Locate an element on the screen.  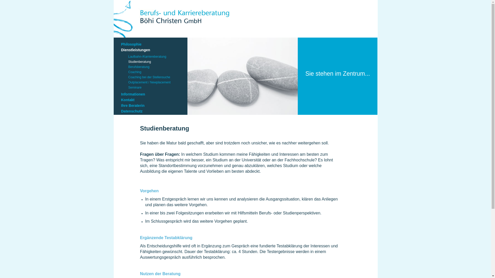
'Seminare' is located at coordinates (154, 87).